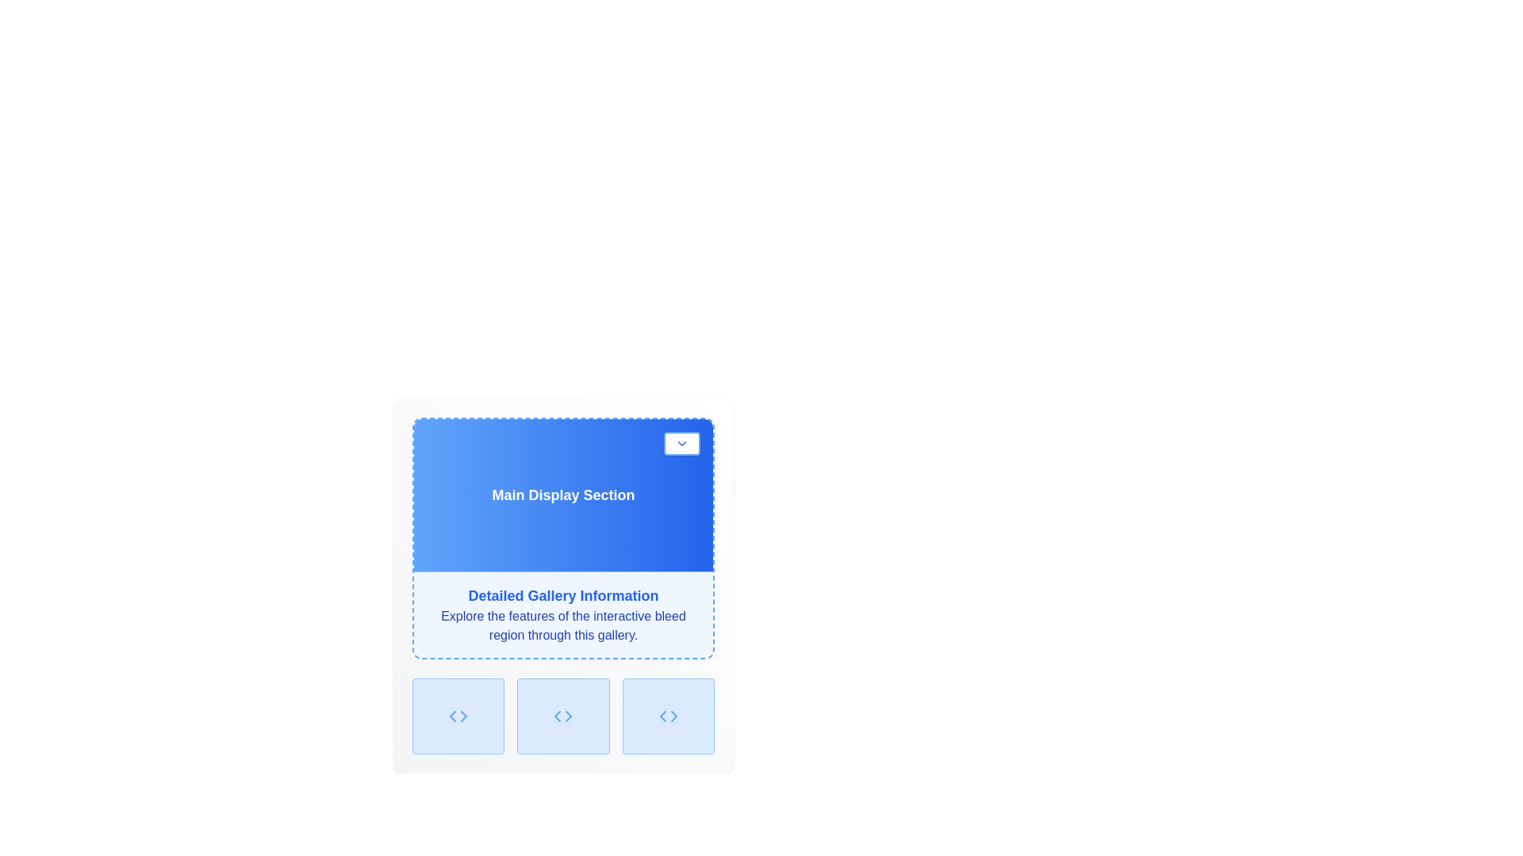 The width and height of the screenshot is (1523, 856). What do you see at coordinates (673, 716) in the screenshot?
I see `the right triangle icon located in the rightmost button of three buttons below the 'Detailed Gallery Information' section` at bounding box center [673, 716].